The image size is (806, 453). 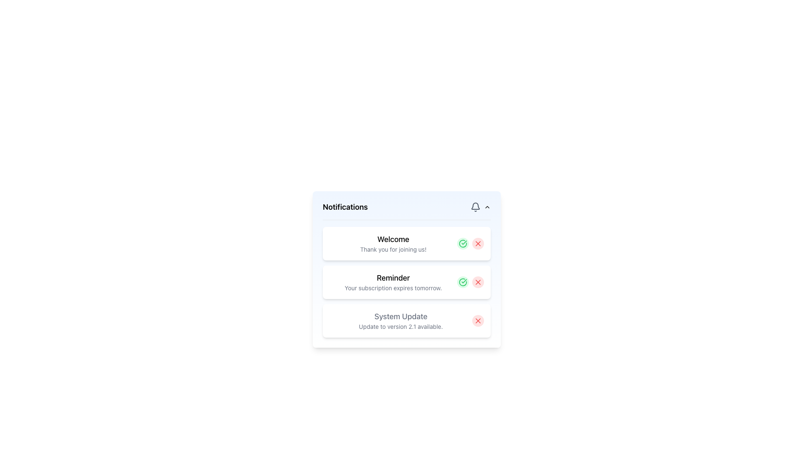 I want to click on the circular icon with a green outline and checkmark inside, located adjacent to the 'Reminder' text in the second notification block, so click(x=463, y=244).